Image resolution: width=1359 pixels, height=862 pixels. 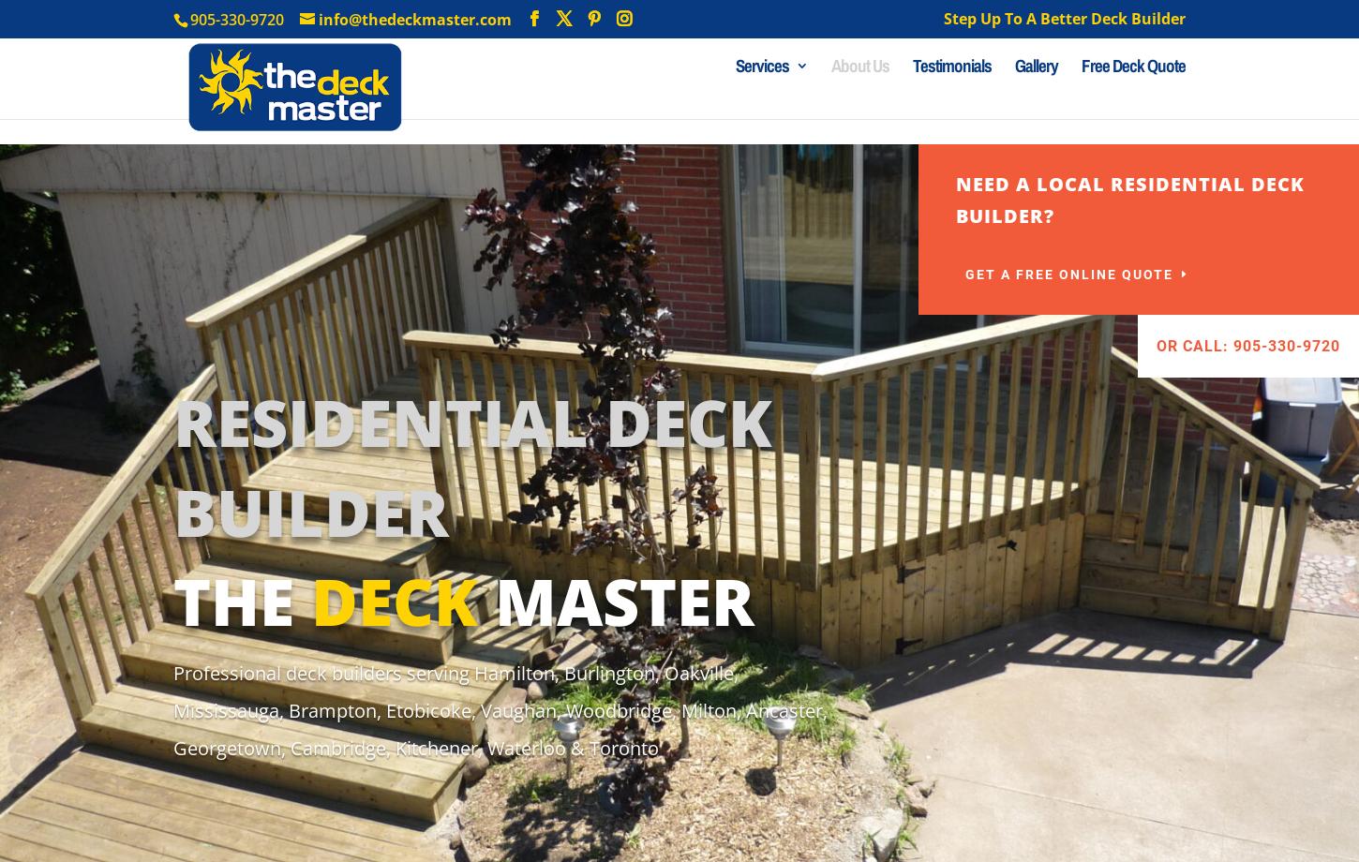 I want to click on 'Composite Decks', so click(x=773, y=223).